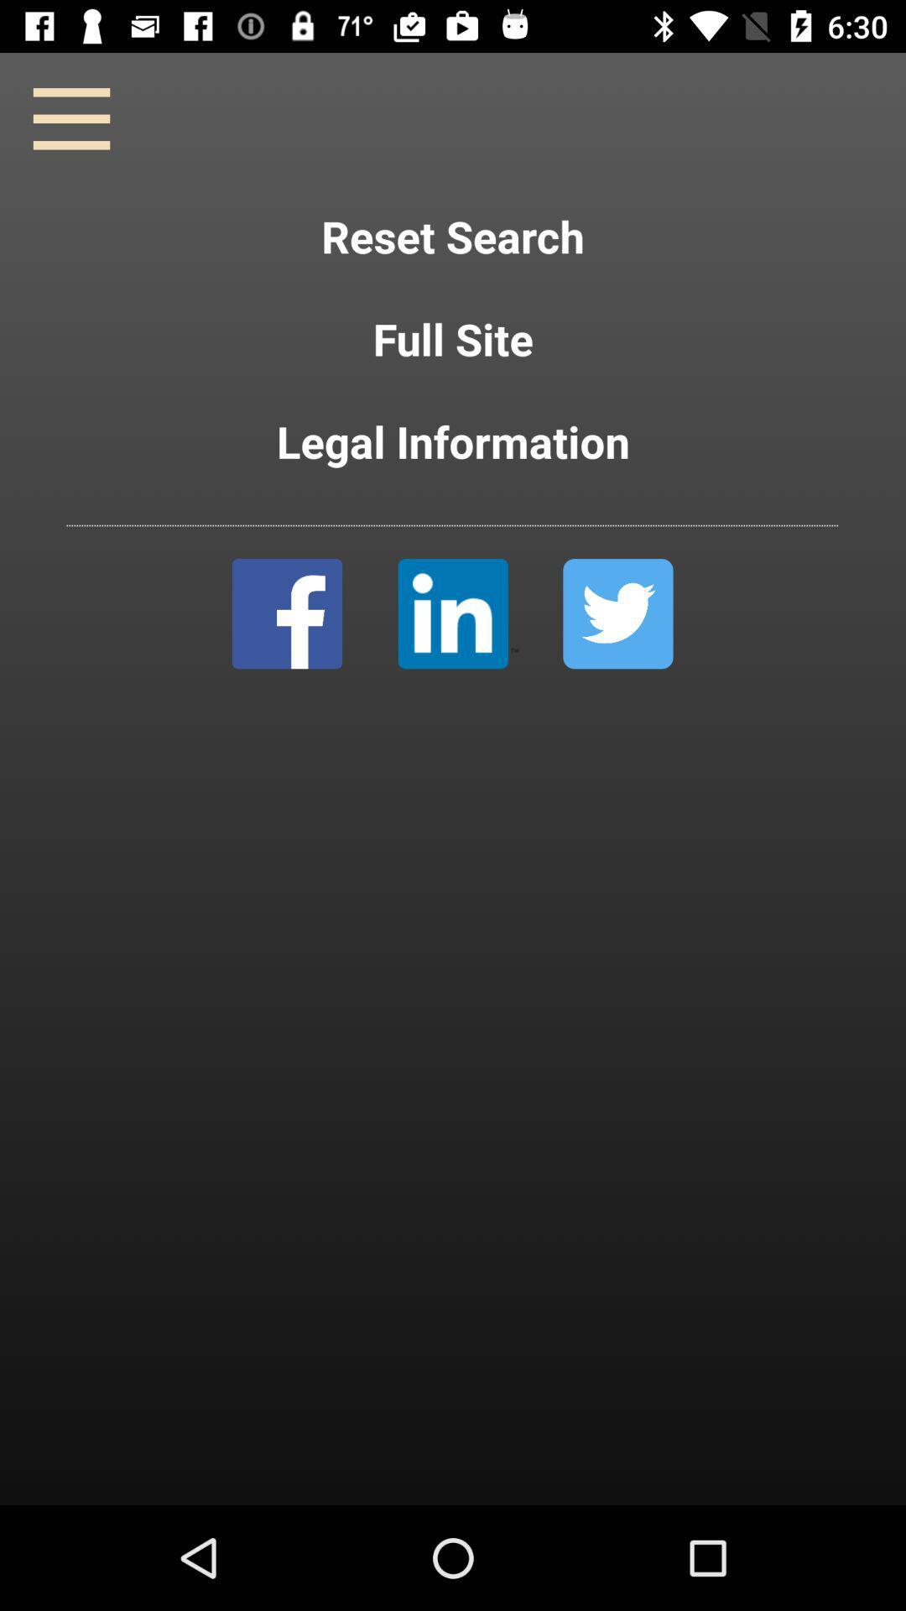  I want to click on twitter link button, so click(617, 613).